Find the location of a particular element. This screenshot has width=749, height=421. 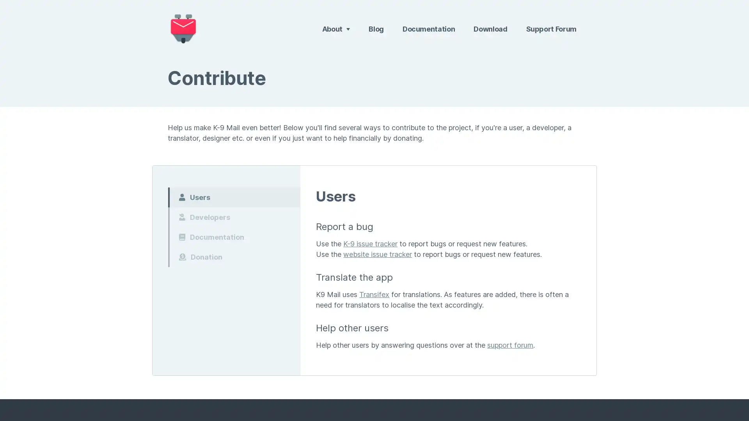

Users is located at coordinates (234, 196).